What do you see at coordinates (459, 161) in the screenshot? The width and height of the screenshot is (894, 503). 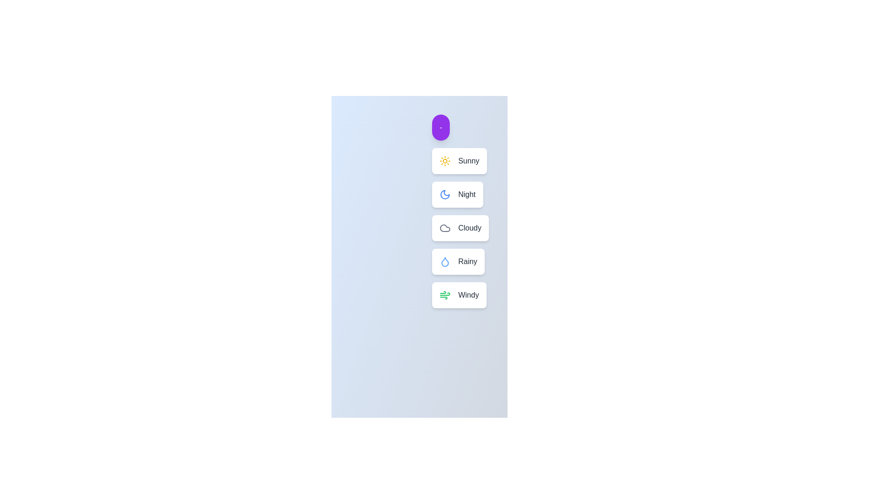 I see `the weather option Sunny by clicking on its corresponding button` at bounding box center [459, 161].